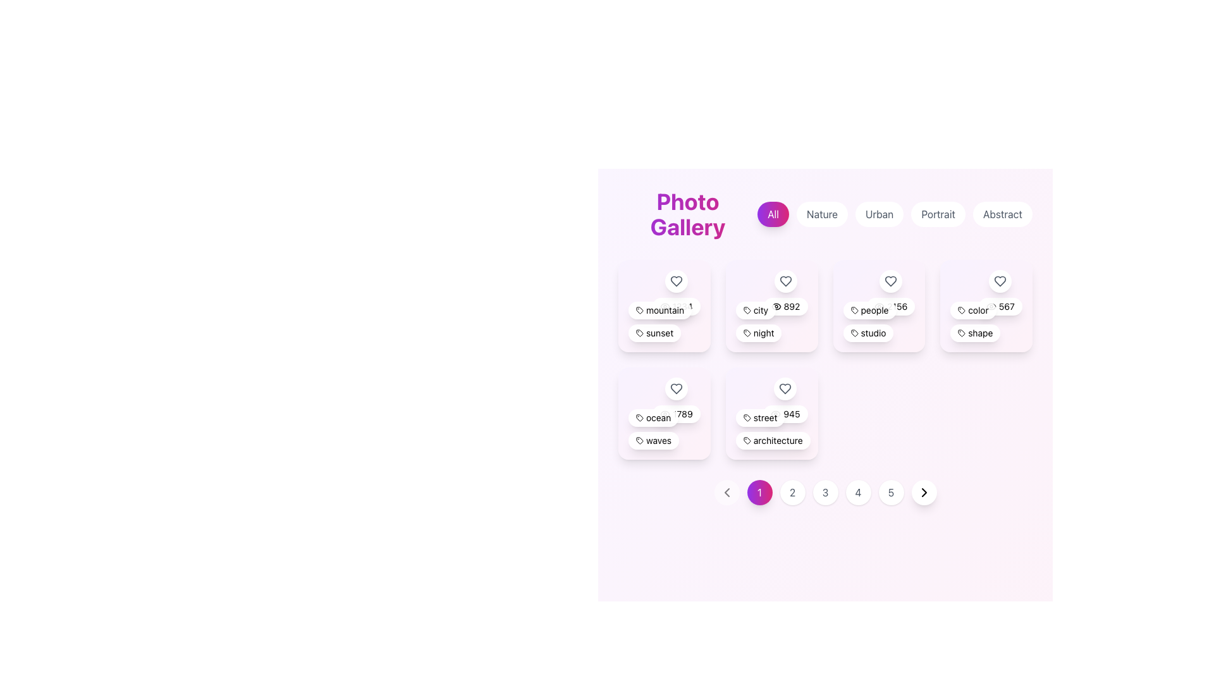 This screenshot has width=1214, height=683. What do you see at coordinates (747, 417) in the screenshot?
I see `the tag-shaped icon associated with the 'street' label in the bottom row of the grid layout` at bounding box center [747, 417].